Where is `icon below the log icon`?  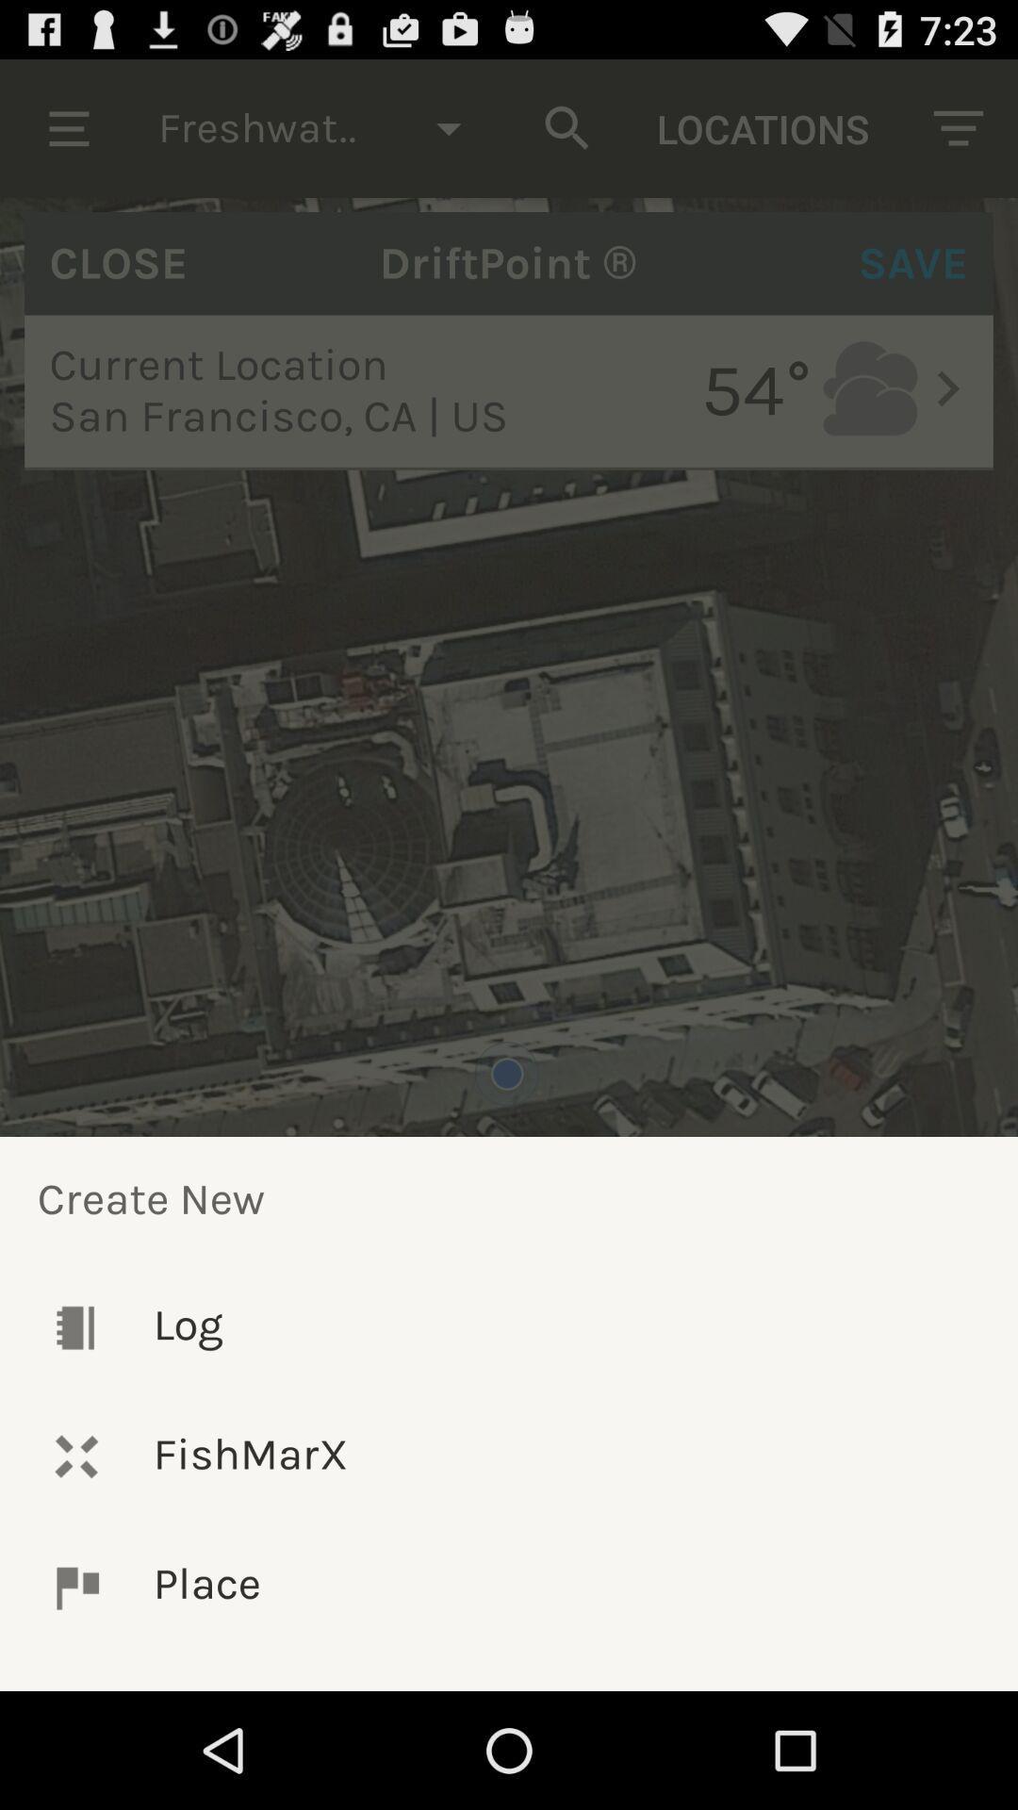
icon below the log icon is located at coordinates (509, 1456).